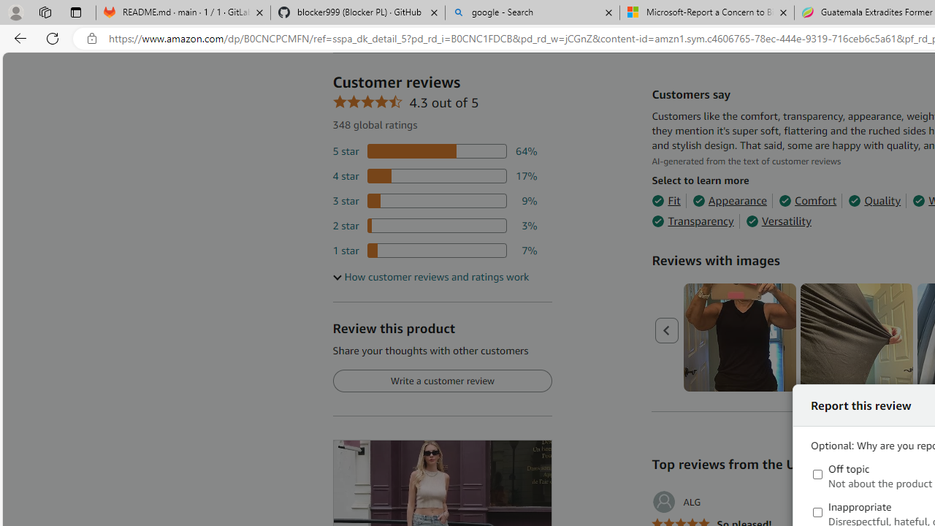  Describe the element at coordinates (434, 175) in the screenshot. I see `'17 percent of reviews have 4 stars'` at that location.